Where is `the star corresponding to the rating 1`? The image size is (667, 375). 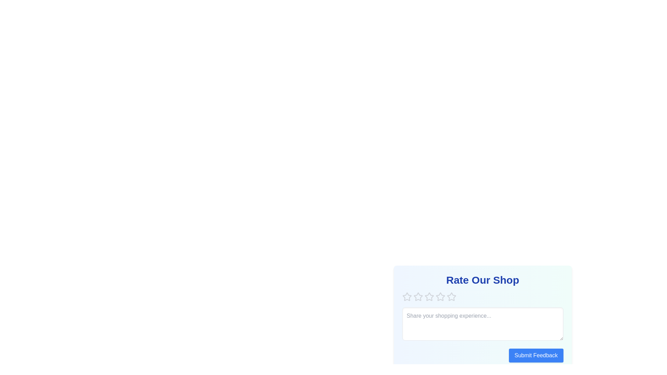
the star corresponding to the rating 1 is located at coordinates (407, 297).